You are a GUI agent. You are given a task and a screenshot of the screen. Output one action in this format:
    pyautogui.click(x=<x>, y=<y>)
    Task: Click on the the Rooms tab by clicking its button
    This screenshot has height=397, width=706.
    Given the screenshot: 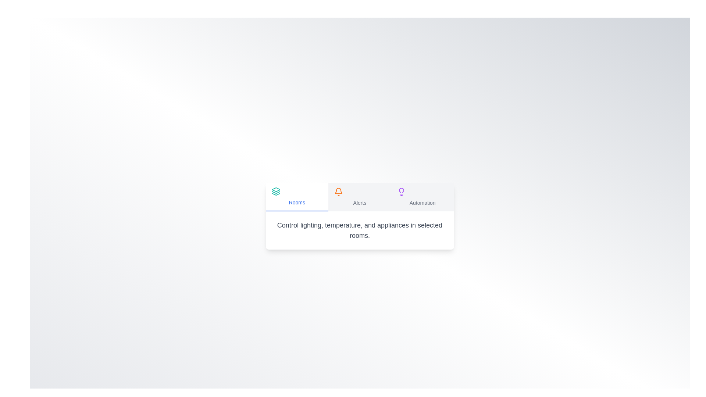 What is the action you would take?
    pyautogui.click(x=297, y=197)
    